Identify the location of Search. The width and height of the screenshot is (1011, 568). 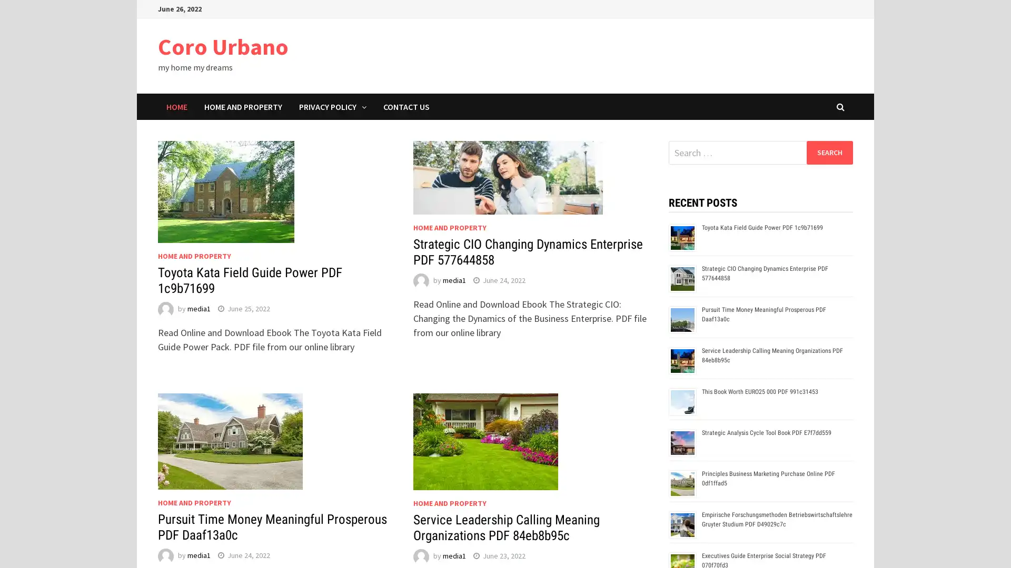
(829, 152).